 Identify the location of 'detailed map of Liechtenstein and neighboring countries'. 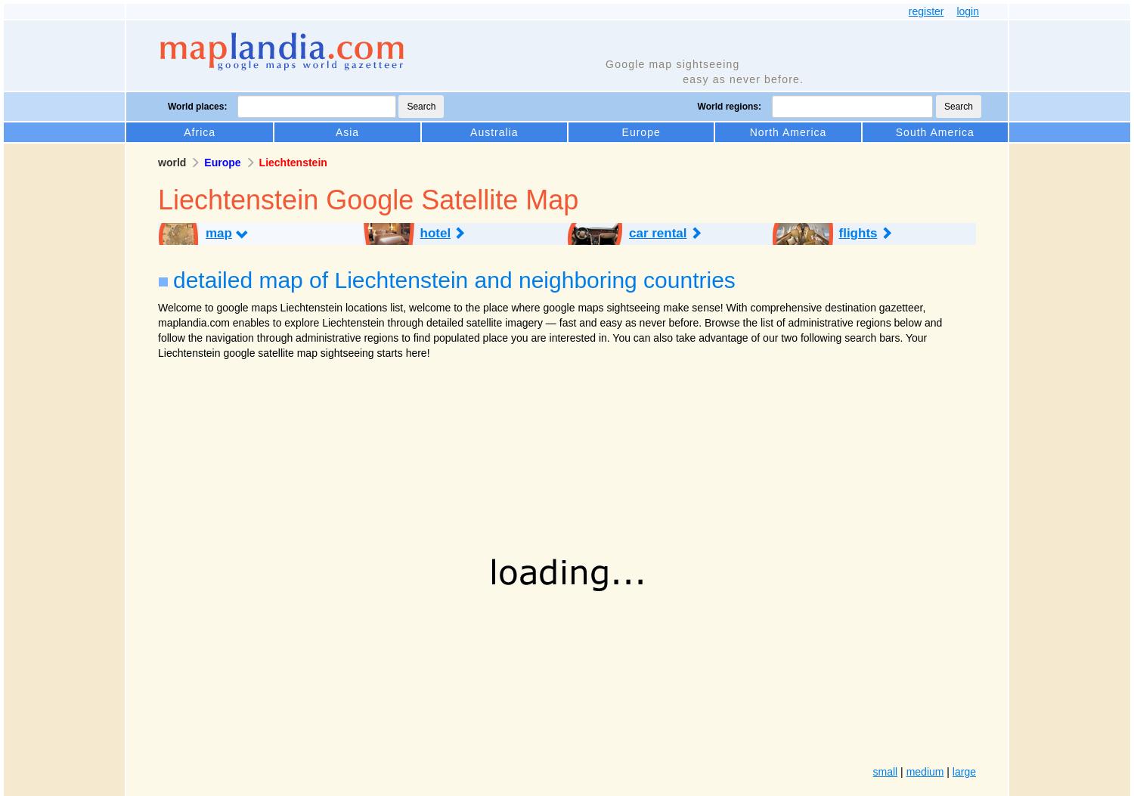
(453, 278).